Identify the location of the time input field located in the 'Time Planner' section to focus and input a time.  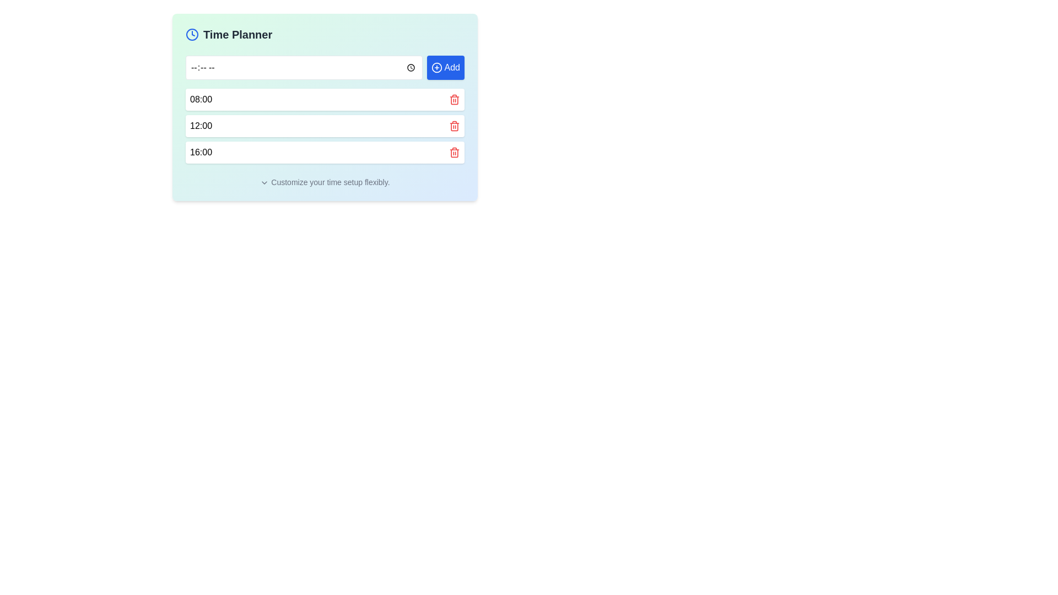
(304, 68).